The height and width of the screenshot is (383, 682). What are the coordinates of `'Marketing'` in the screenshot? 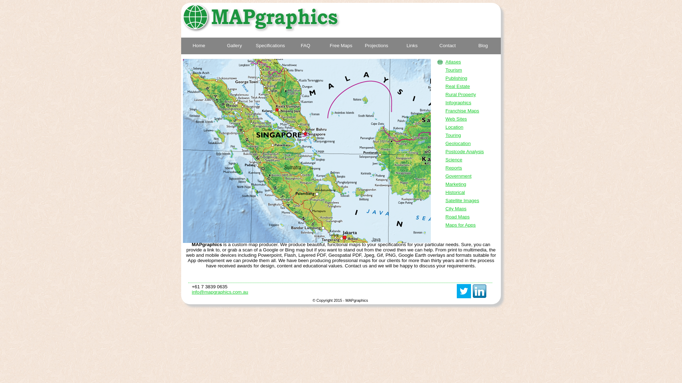 It's located at (456, 184).